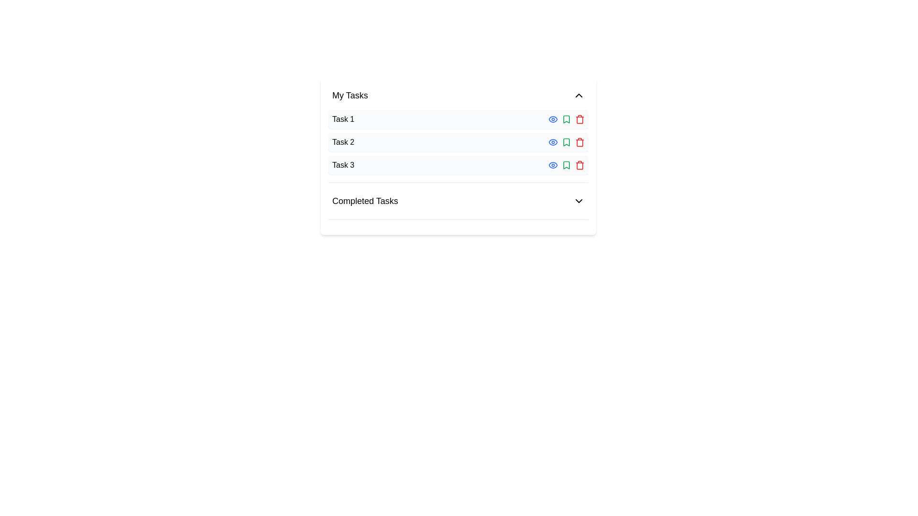  I want to click on the chevron-shaped dropdown indicator icon located at the far right side of the 'My Tasks' label, so click(578, 96).